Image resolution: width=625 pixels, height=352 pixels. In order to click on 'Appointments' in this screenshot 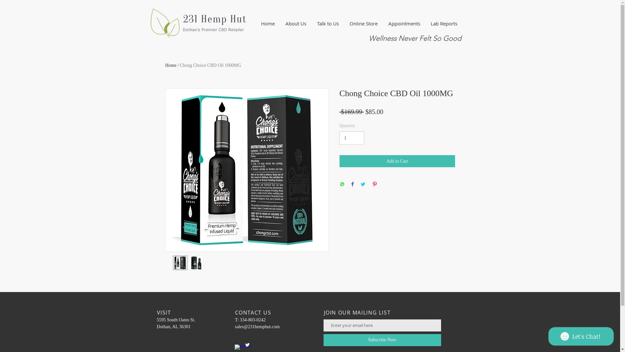, I will do `click(404, 23)`.